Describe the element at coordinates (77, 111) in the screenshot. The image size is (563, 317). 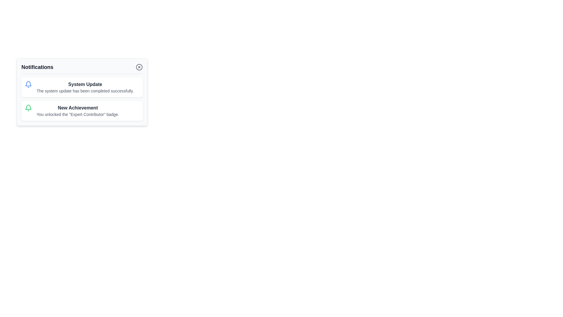
I see `the static text display that shows user achievement notifications, centrally aligned within the notification panel` at that location.